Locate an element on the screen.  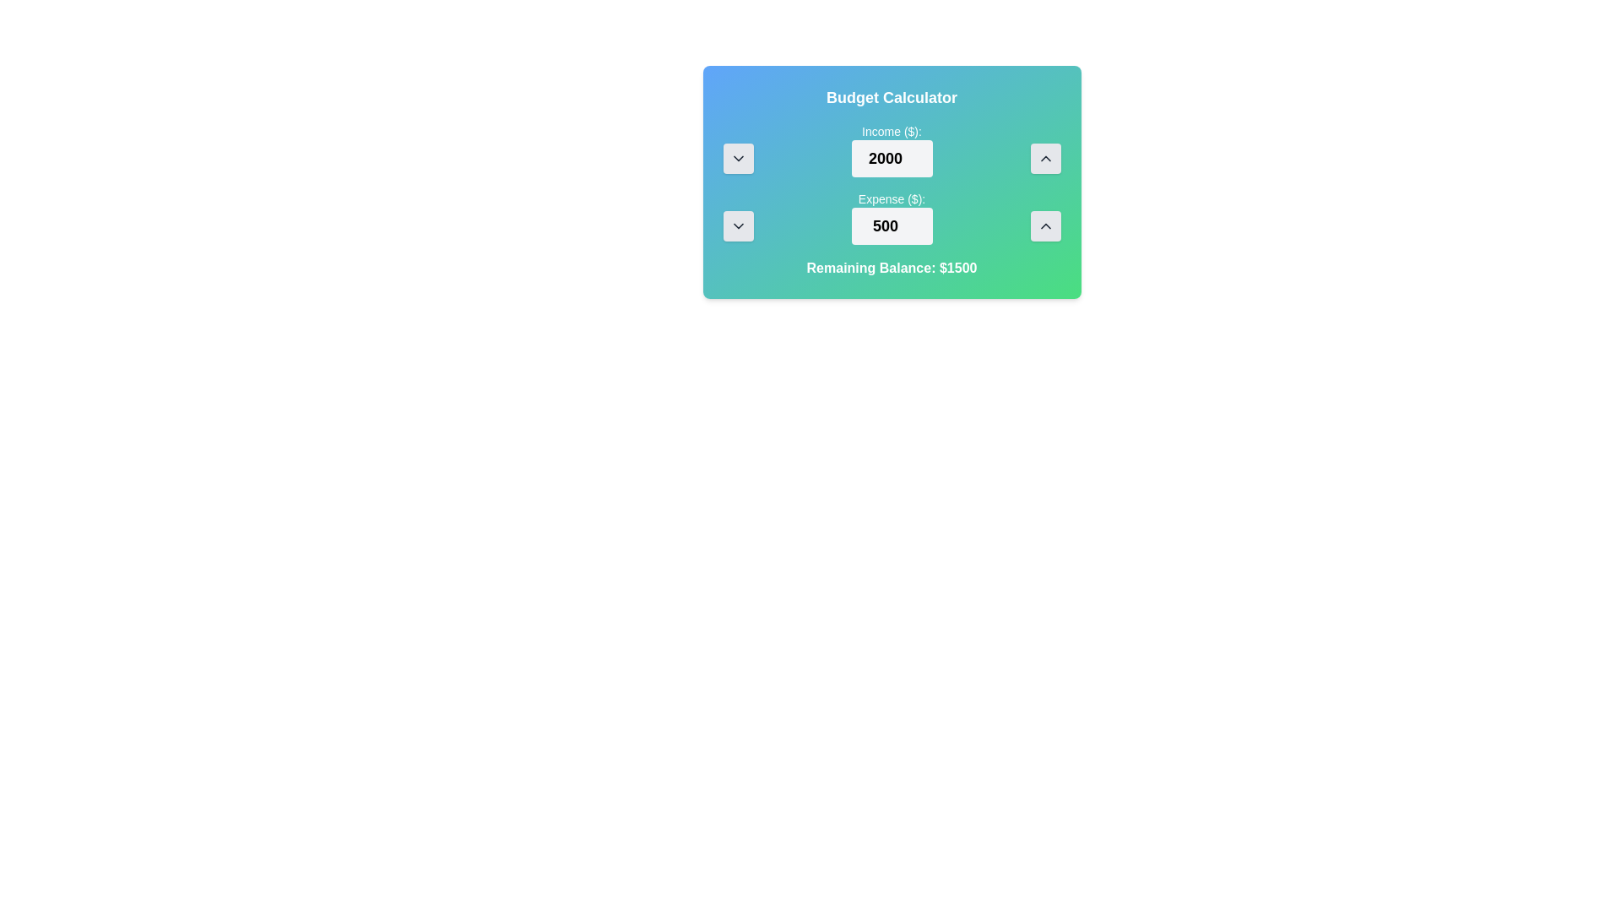
the decrease value button located on the upper-left side of the budget calculator interface, positioned to the left of the 'Income ($):' text input field to change its background color is located at coordinates (738, 159).